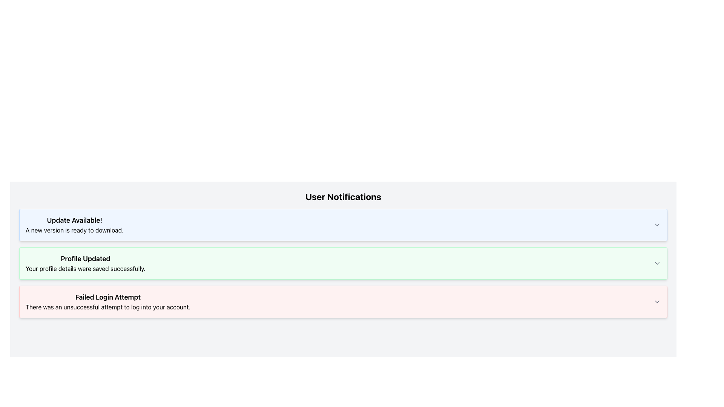 The image size is (724, 407). What do you see at coordinates (74, 230) in the screenshot?
I see `text that says 'A new version is ready to download.' located below the heading 'Update Available!' within the first notification card` at bounding box center [74, 230].